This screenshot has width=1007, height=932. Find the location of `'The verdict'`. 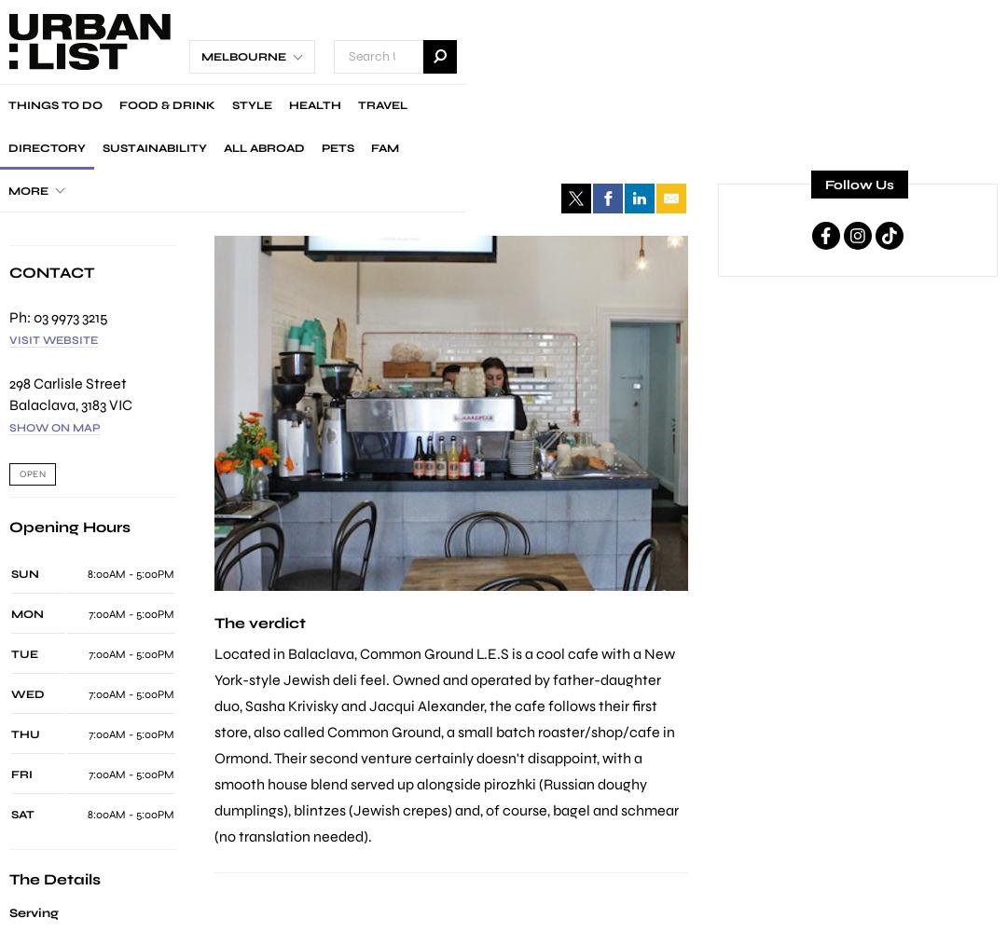

'The verdict' is located at coordinates (259, 623).